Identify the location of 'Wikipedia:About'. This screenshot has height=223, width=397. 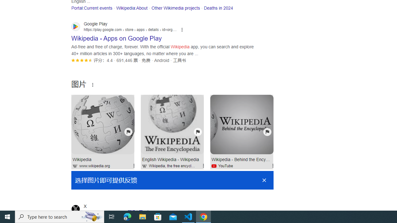
(131, 8).